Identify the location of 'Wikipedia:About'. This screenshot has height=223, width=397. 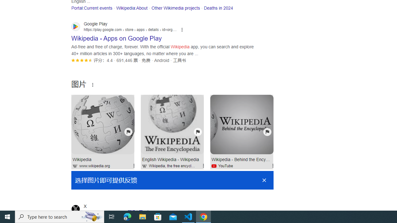
(131, 8).